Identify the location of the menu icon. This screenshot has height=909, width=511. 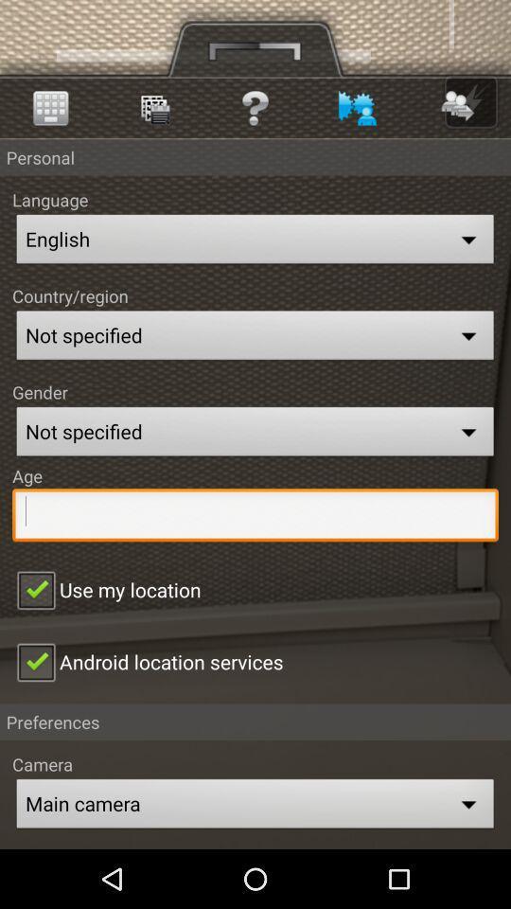
(394, 32).